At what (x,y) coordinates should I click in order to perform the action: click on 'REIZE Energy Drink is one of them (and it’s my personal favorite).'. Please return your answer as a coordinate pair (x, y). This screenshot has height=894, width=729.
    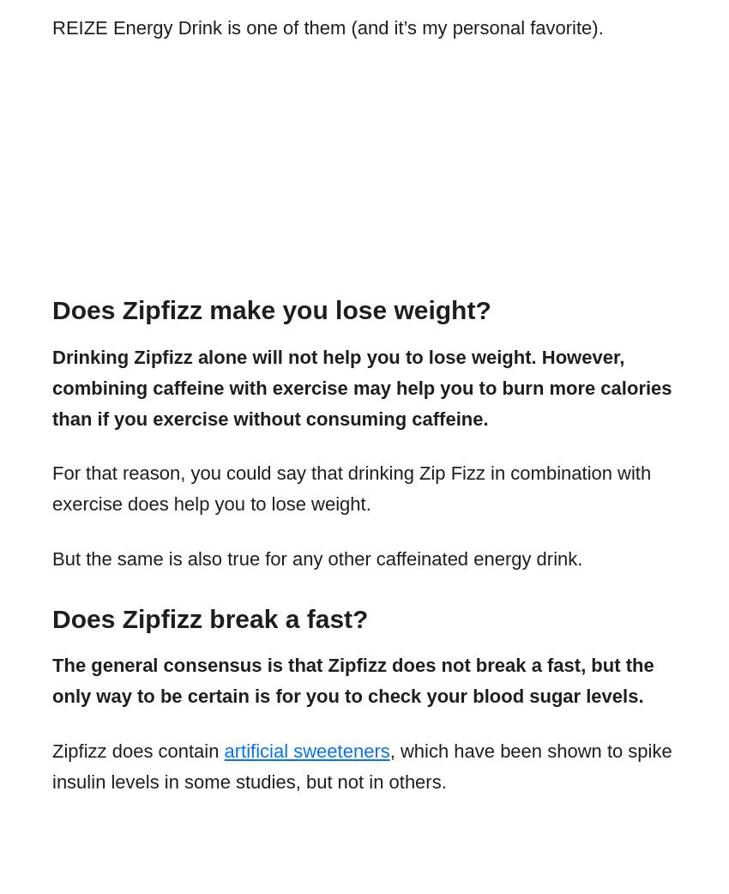
    Looking at the image, I should click on (326, 26).